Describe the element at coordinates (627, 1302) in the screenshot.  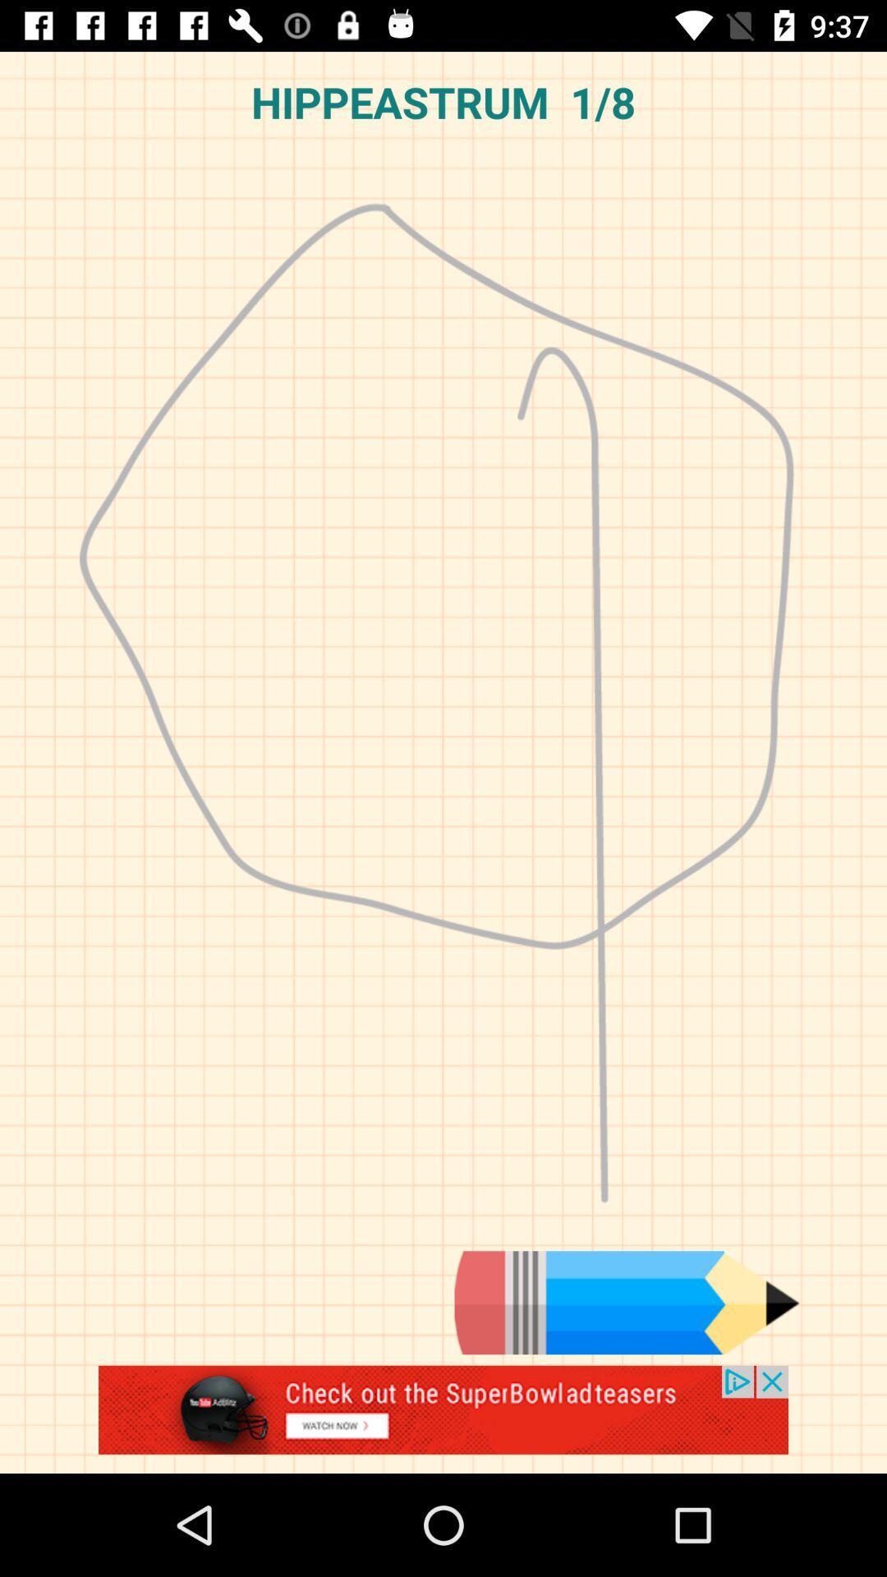
I see `draw option` at that location.